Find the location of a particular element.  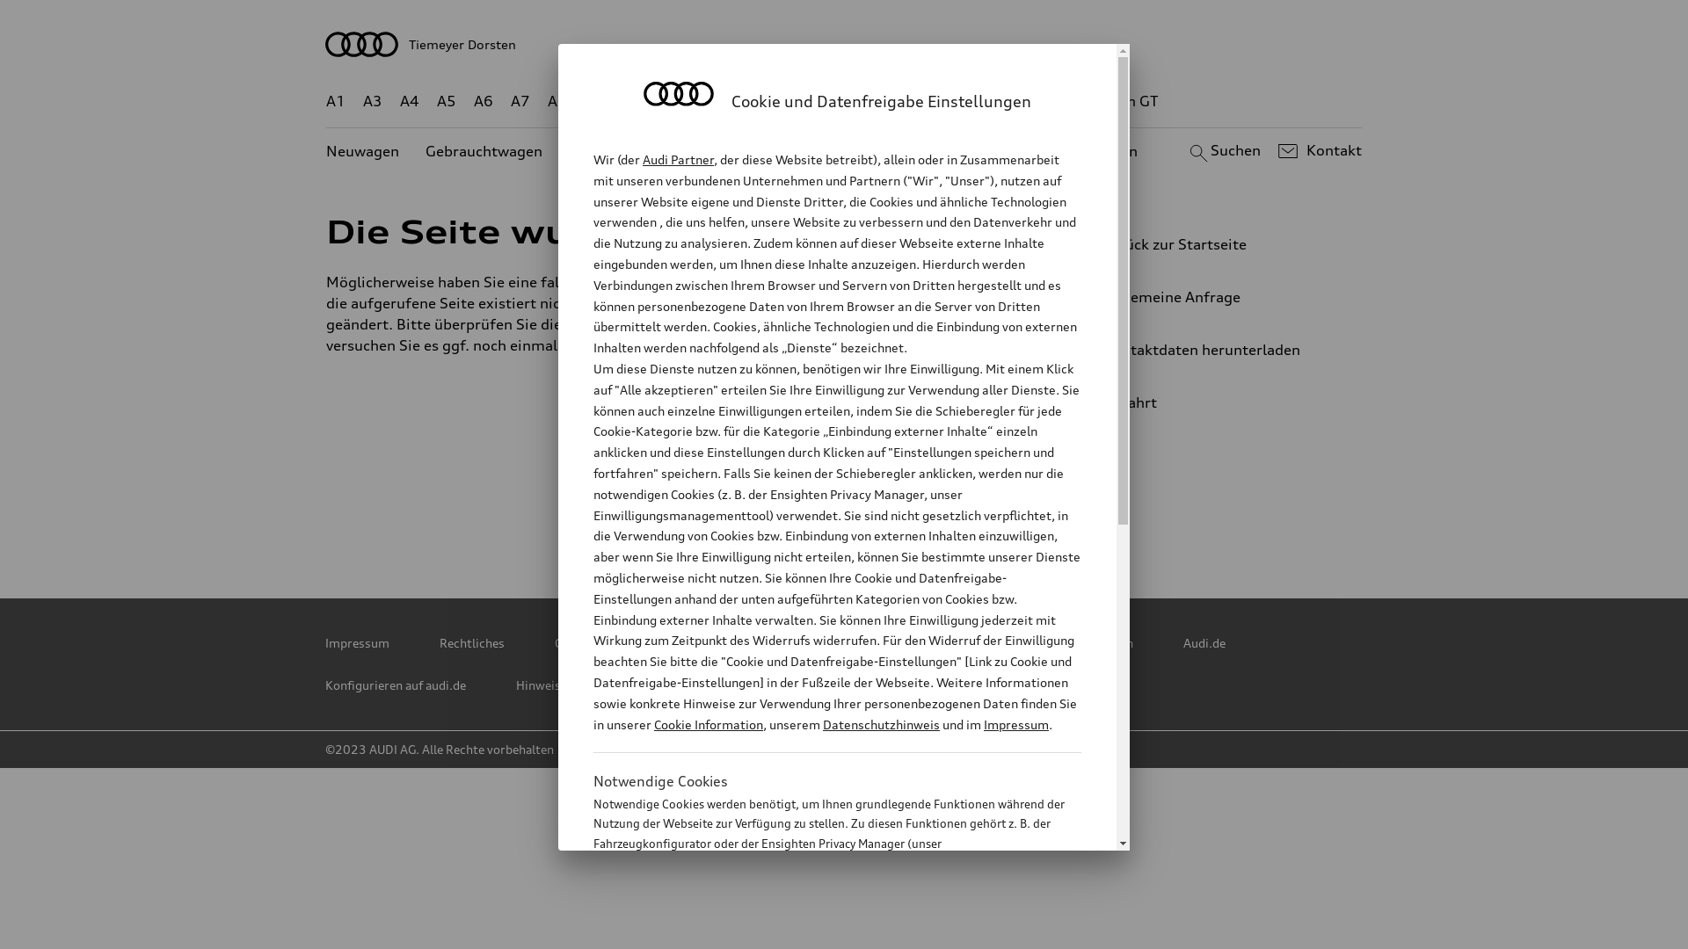

'A6' is located at coordinates (484, 101).